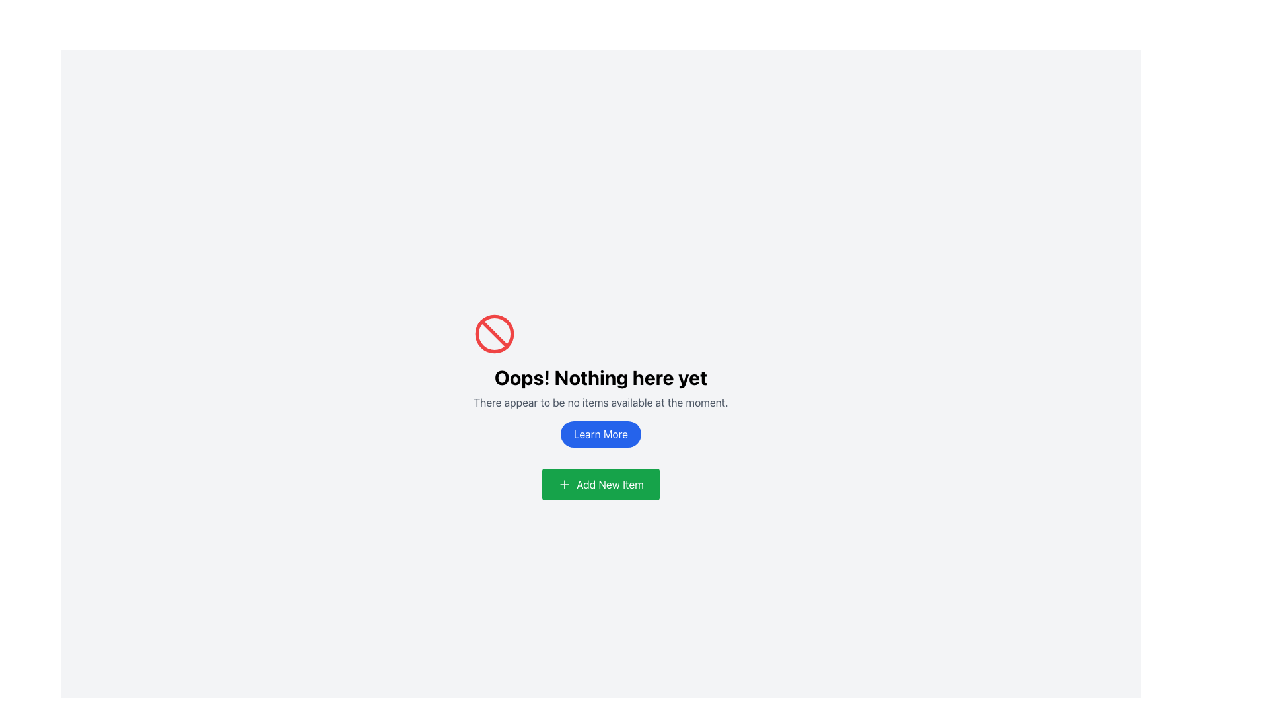 This screenshot has width=1268, height=713. Describe the element at coordinates (494, 333) in the screenshot. I see `the red prohibition icon, which is a circular shape with a diagonal slash, located above the bold text 'Oops! Nothing here yet'` at that location.